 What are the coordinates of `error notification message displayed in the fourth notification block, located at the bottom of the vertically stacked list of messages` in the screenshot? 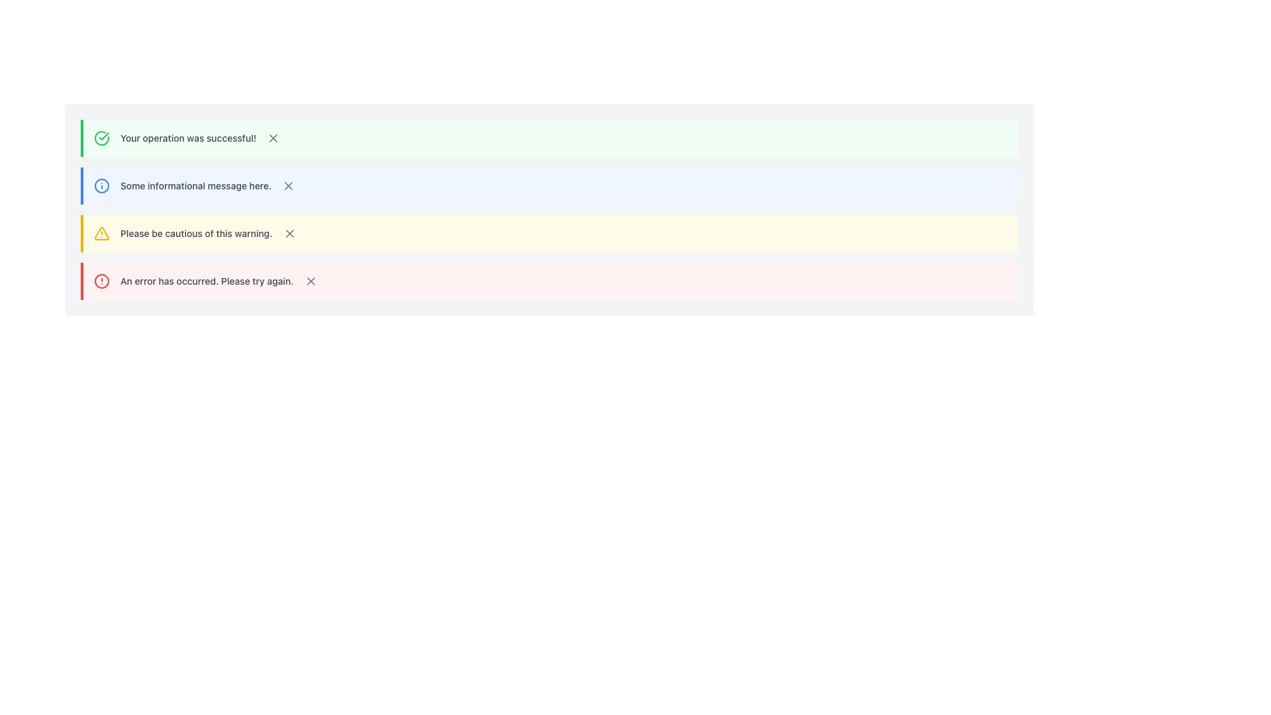 It's located at (549, 280).